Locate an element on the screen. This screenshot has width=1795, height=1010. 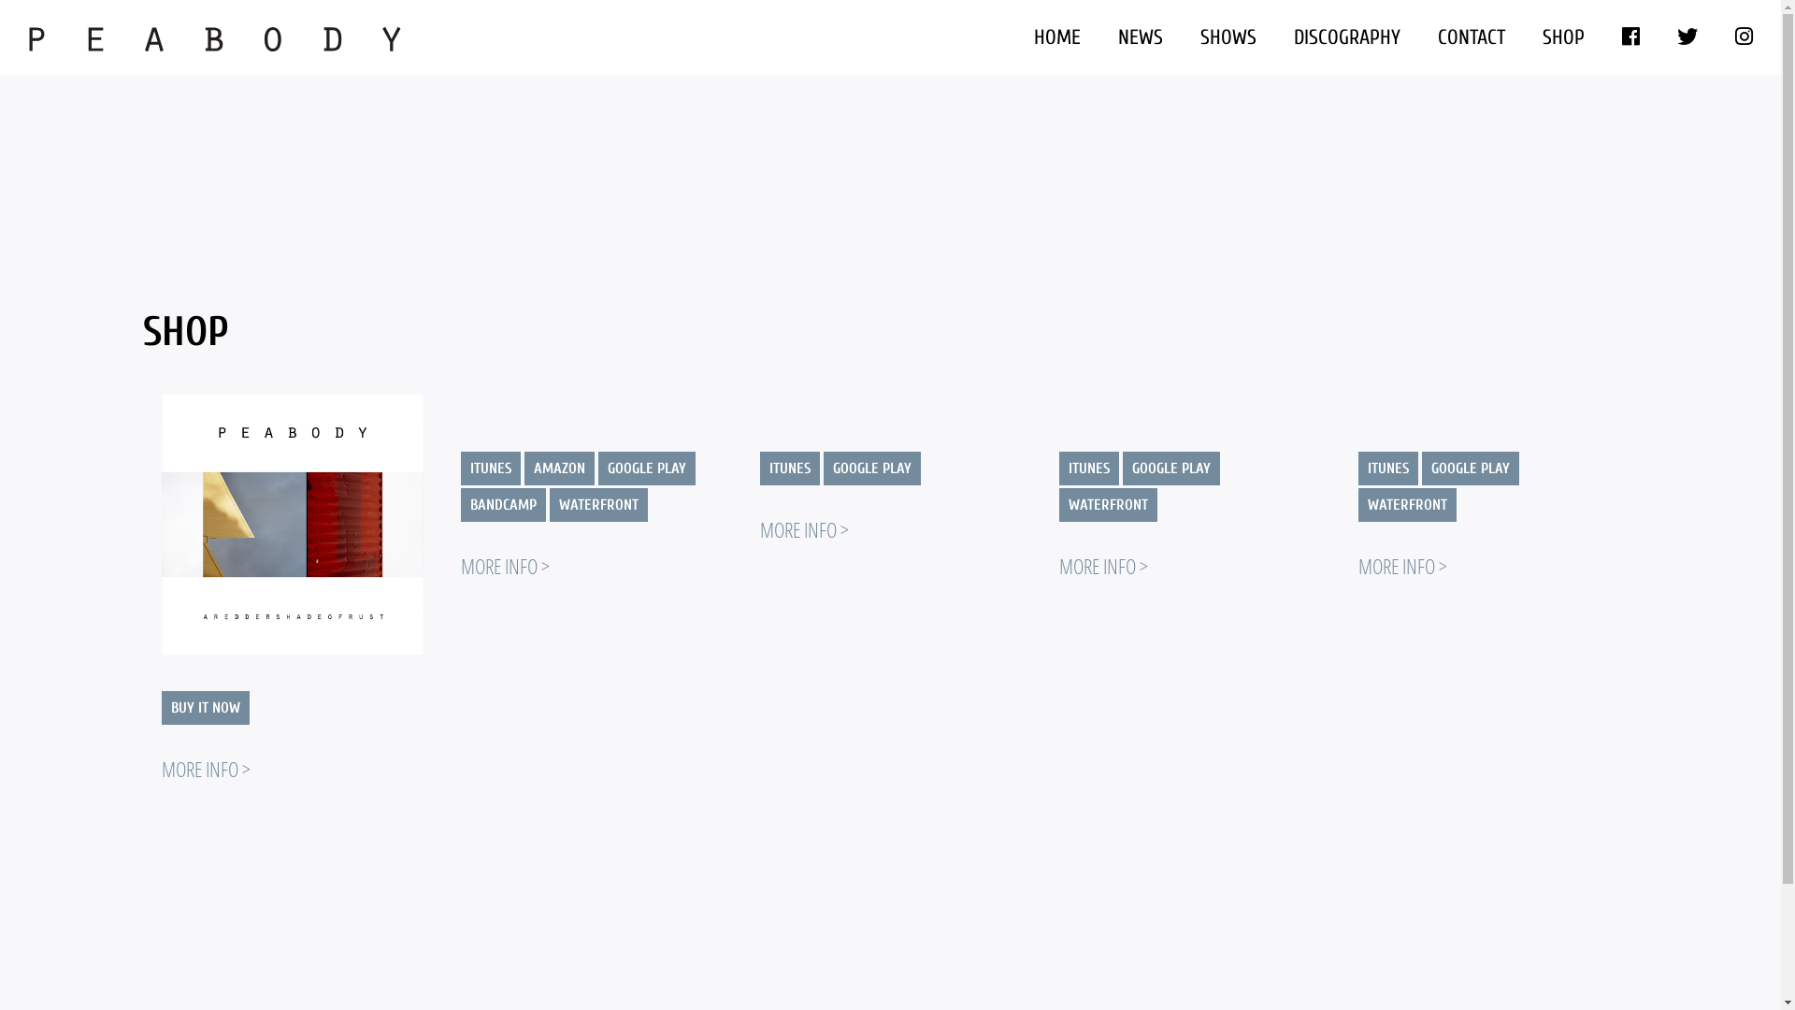
'GOOGLE PLAY' is located at coordinates (646, 468).